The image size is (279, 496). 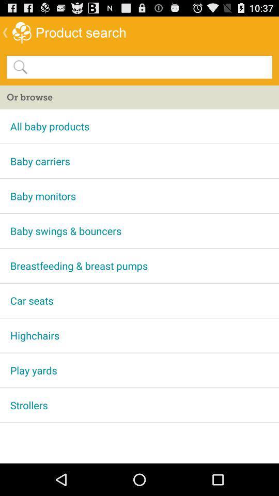 What do you see at coordinates (139, 335) in the screenshot?
I see `the app above the play yards` at bounding box center [139, 335].